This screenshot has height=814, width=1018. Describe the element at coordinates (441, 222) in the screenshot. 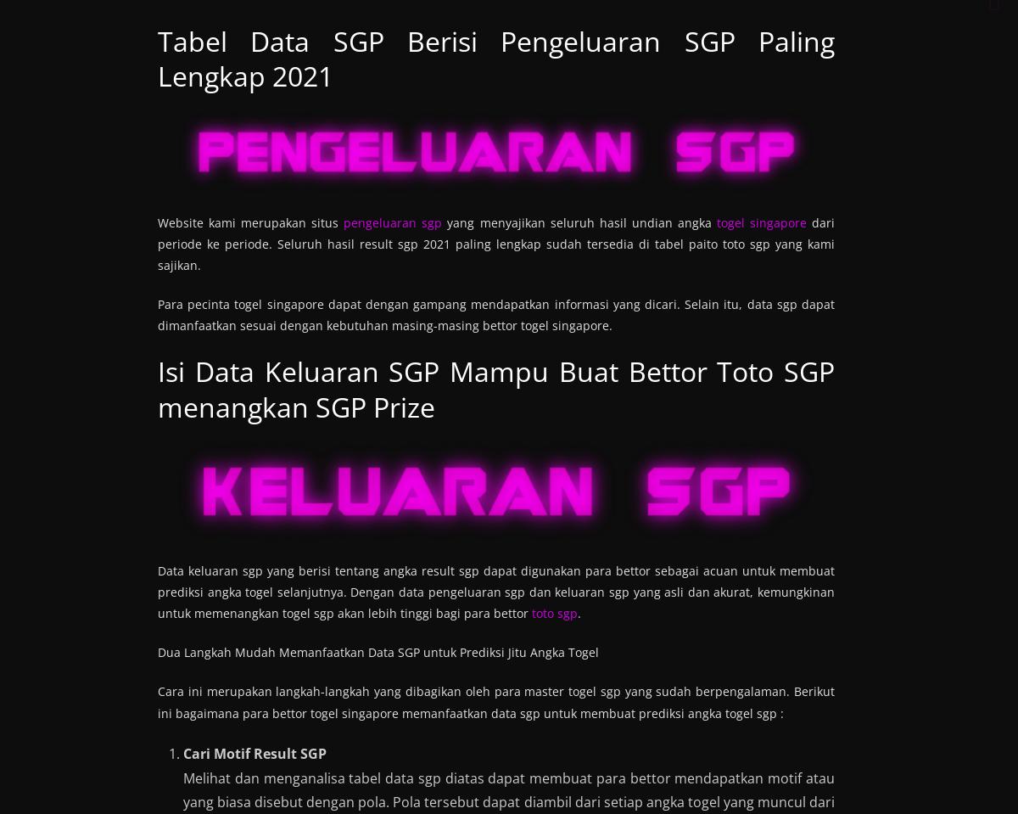

I see `'yang menyajikan seluruh hasil undian angka'` at that location.